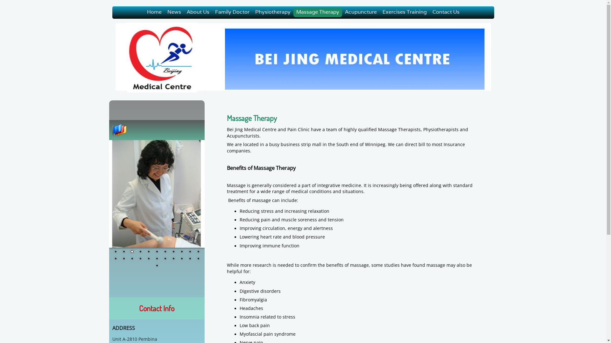  Describe the element at coordinates (148, 252) in the screenshot. I see `'5'` at that location.